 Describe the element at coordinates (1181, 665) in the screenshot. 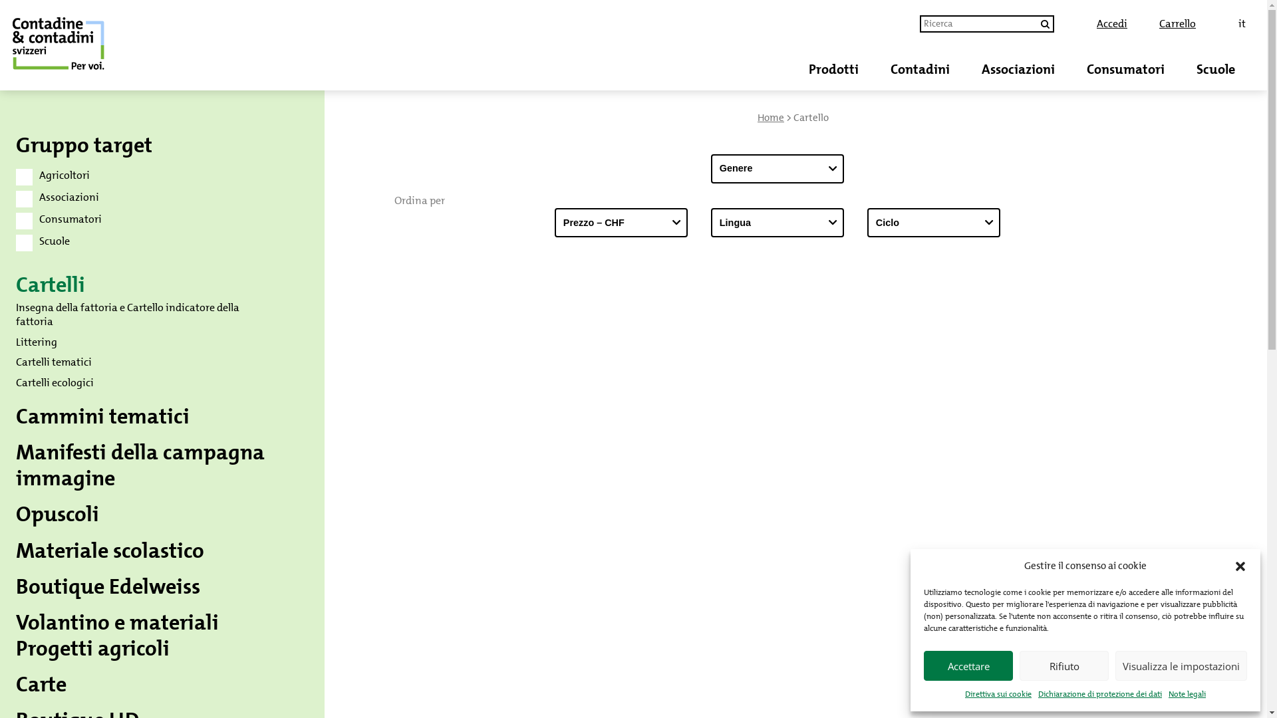

I see `'Visualizza le impostazioni'` at that location.